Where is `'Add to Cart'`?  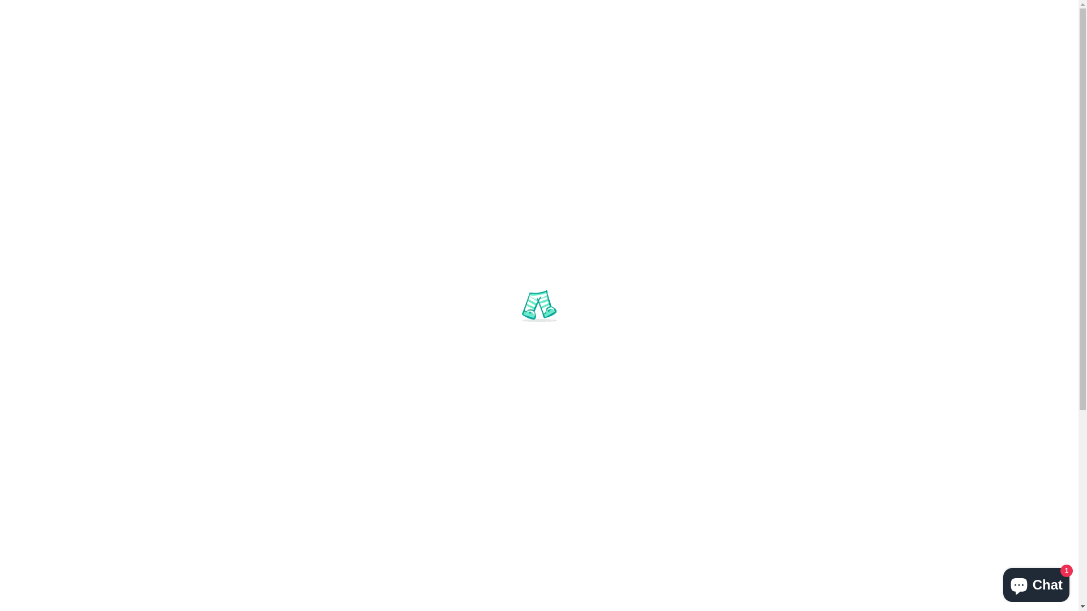 'Add to Cart' is located at coordinates (526, 438).